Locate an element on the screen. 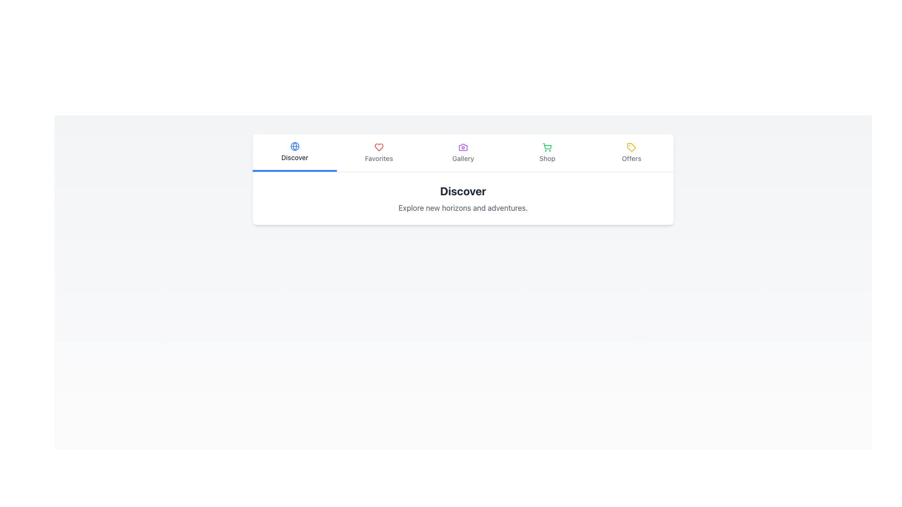 The width and height of the screenshot is (902, 507). the 'Offers' button in the top-right navigation menu is located at coordinates (631, 153).